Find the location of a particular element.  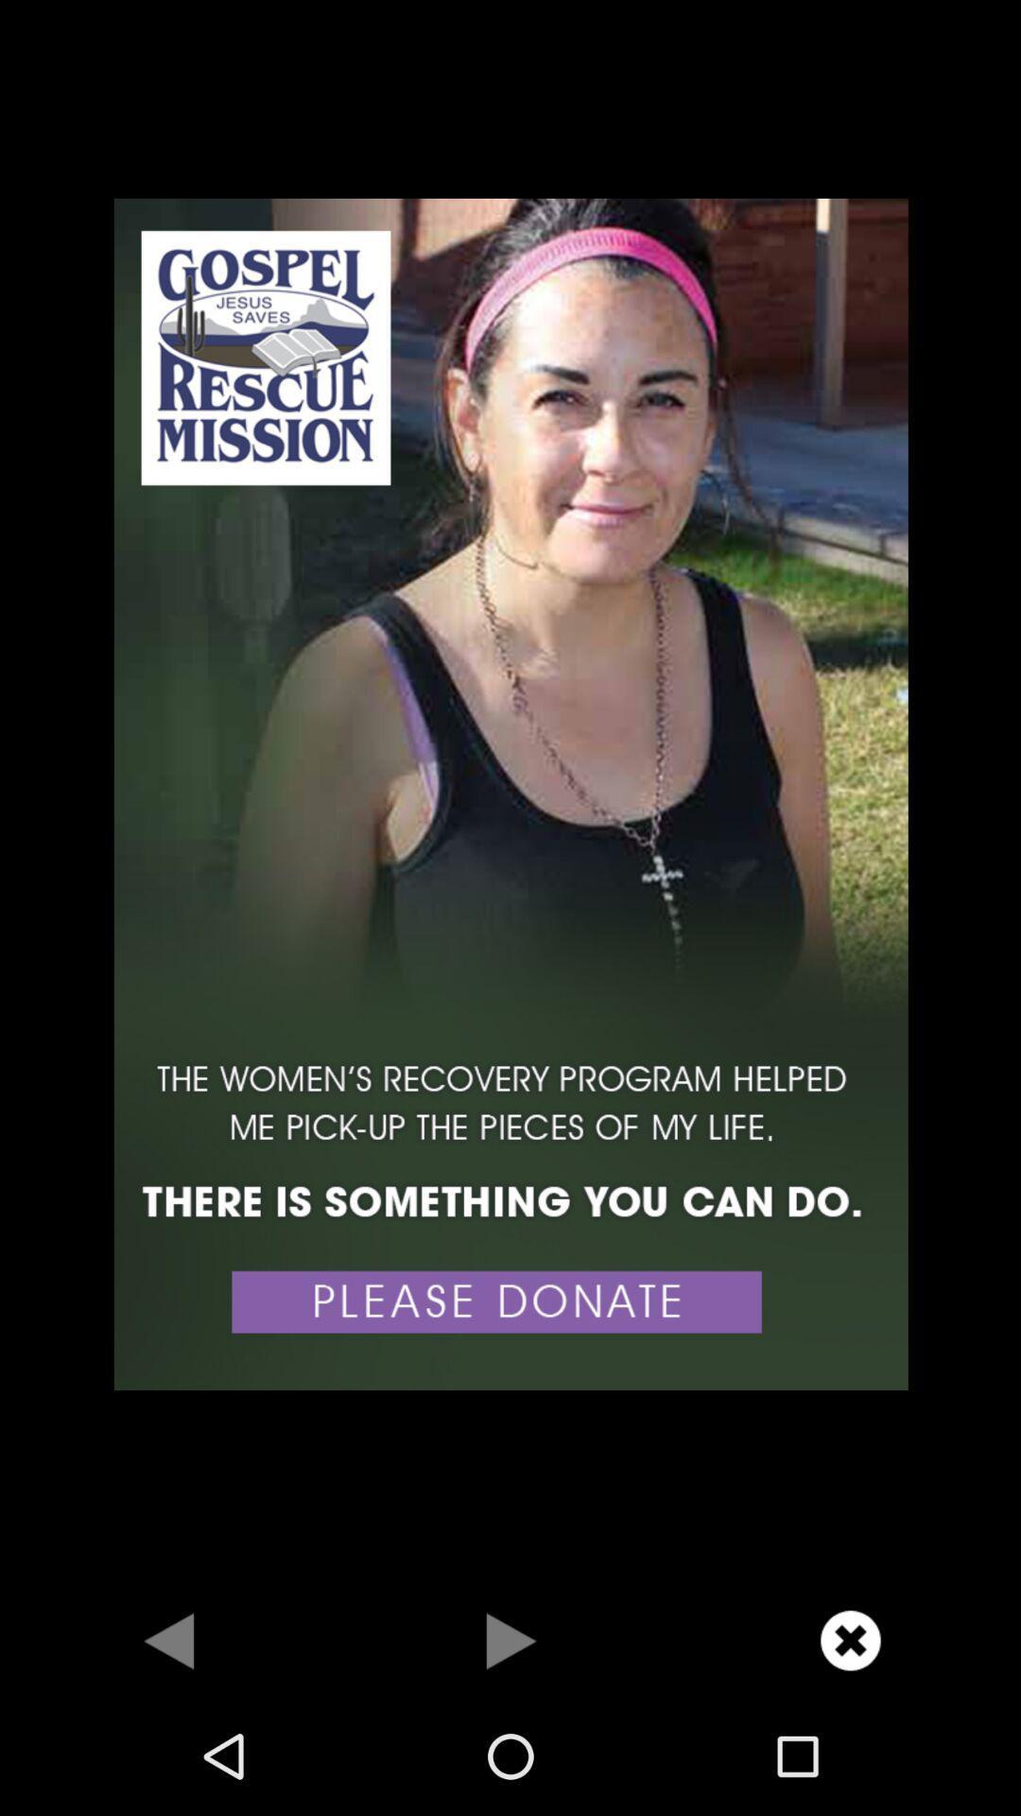

the play icon is located at coordinates (510, 1755).